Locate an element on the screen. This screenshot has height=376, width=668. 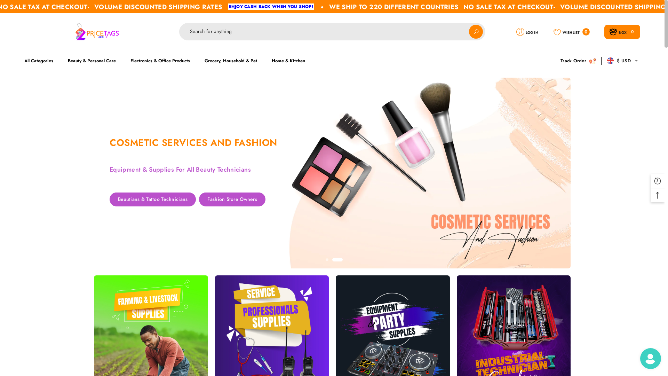
'Home & Kitchen' is located at coordinates (288, 60).